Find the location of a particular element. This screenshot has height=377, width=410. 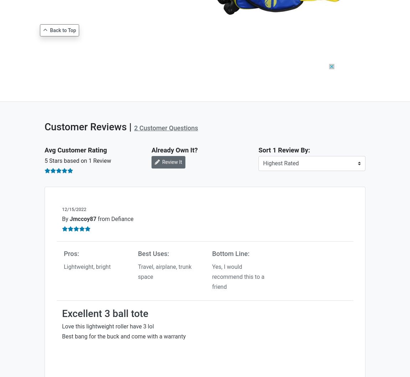

'Best Uses:' is located at coordinates (138, 253).